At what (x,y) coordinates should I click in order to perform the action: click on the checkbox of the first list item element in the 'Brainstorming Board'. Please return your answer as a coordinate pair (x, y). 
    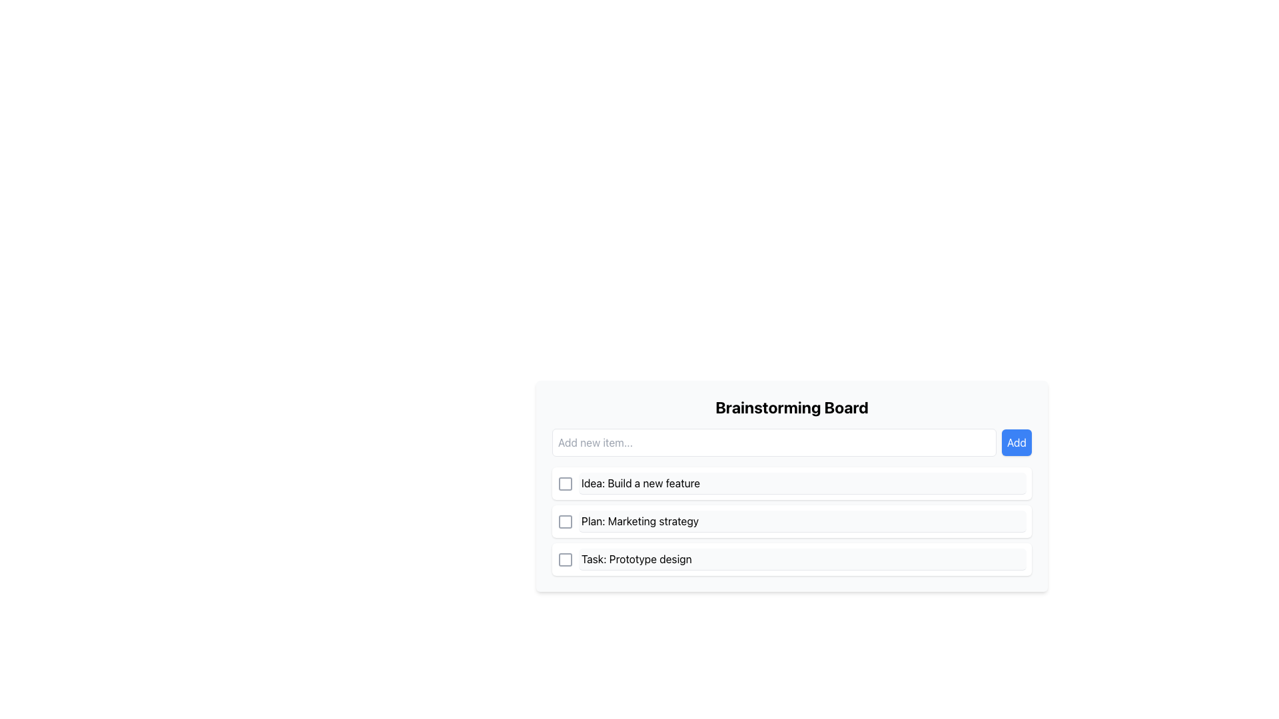
    Looking at the image, I should click on (792, 485).